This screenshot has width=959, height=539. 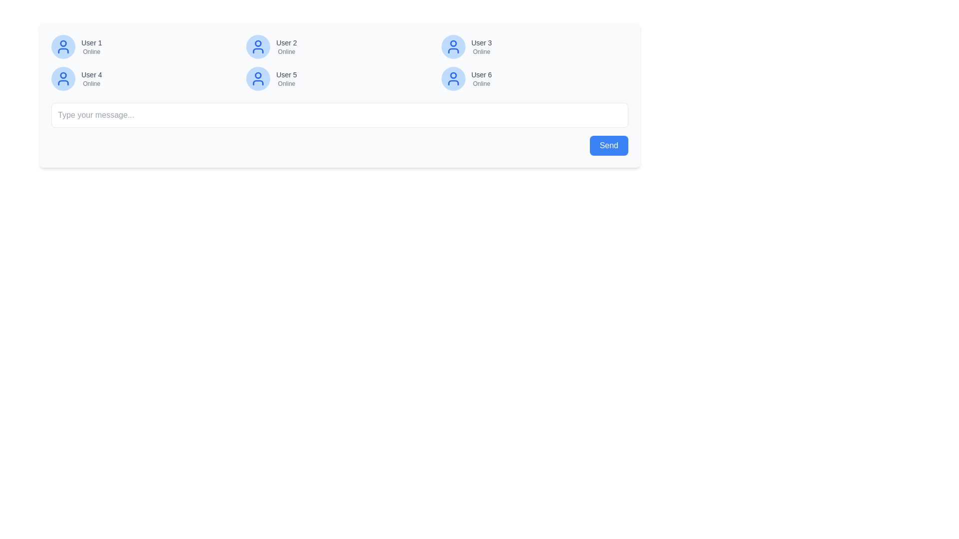 I want to click on the online status label indicating 'User 2' located in the second column of the user grid, so click(x=286, y=52).